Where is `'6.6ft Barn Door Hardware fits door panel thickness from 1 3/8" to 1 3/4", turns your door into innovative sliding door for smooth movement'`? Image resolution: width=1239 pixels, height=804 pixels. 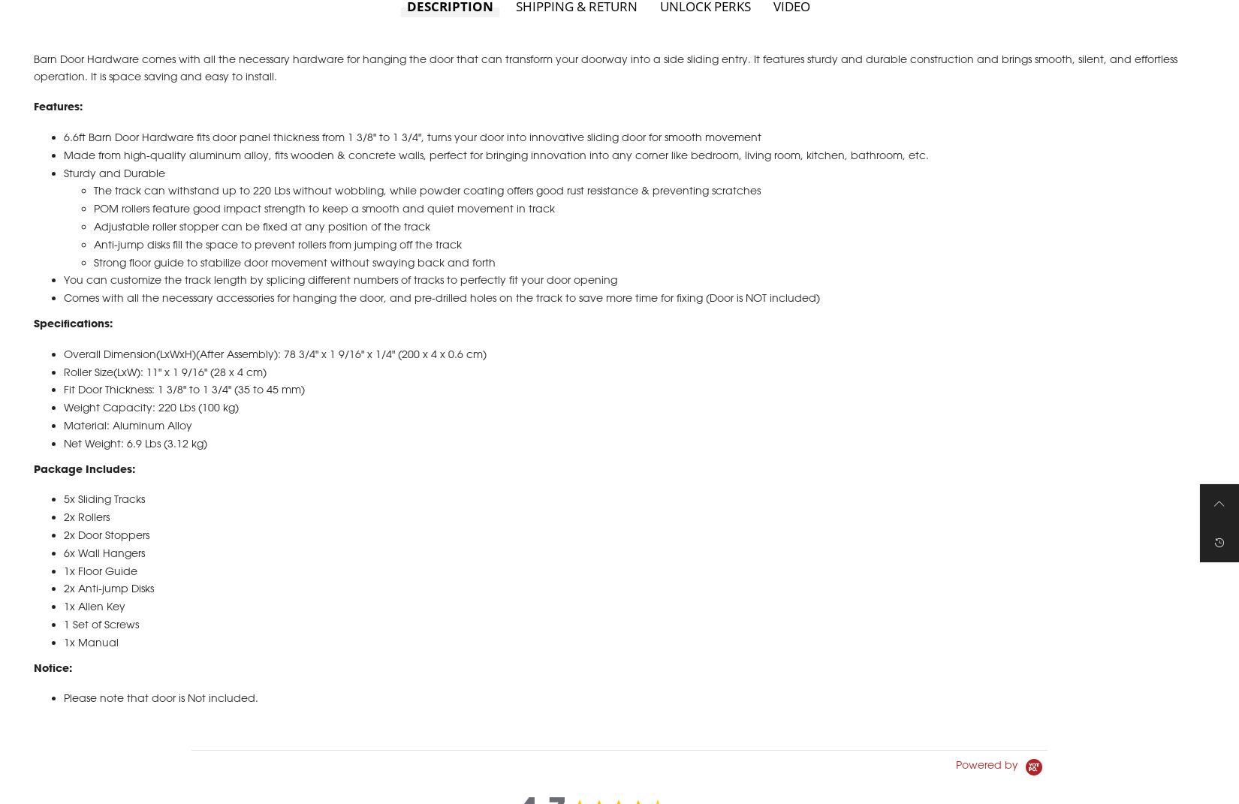
'6.6ft Barn Door Hardware fits door panel thickness from 1 3/8" to 1 3/4", turns your door into innovative sliding door for smooth movement' is located at coordinates (411, 152).